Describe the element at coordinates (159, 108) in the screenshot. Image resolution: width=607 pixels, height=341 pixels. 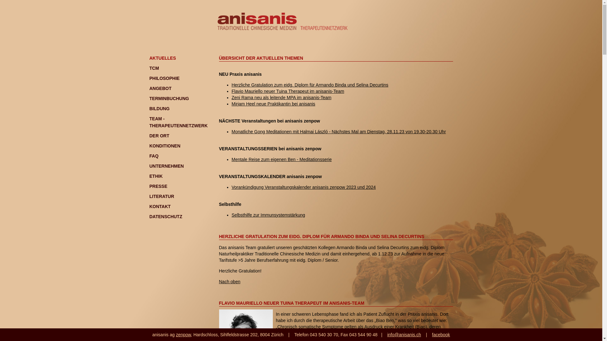
I see `'BILDUNG'` at that location.